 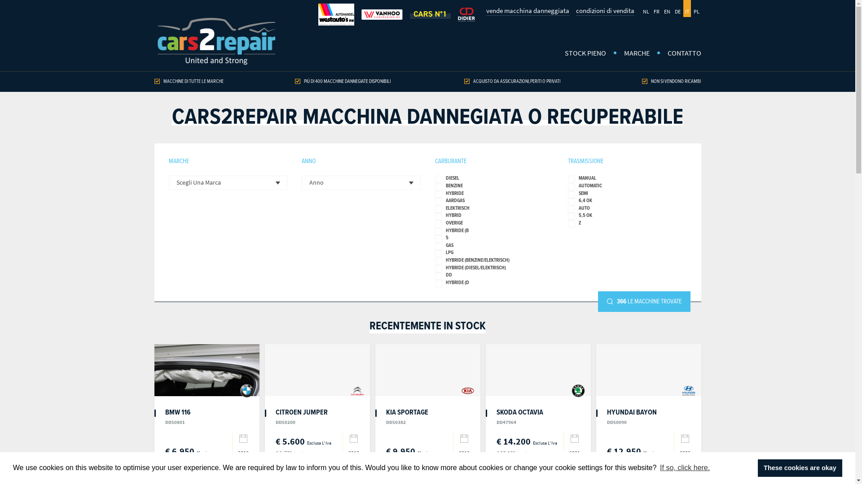 I want to click on 'DE', so click(x=677, y=9).